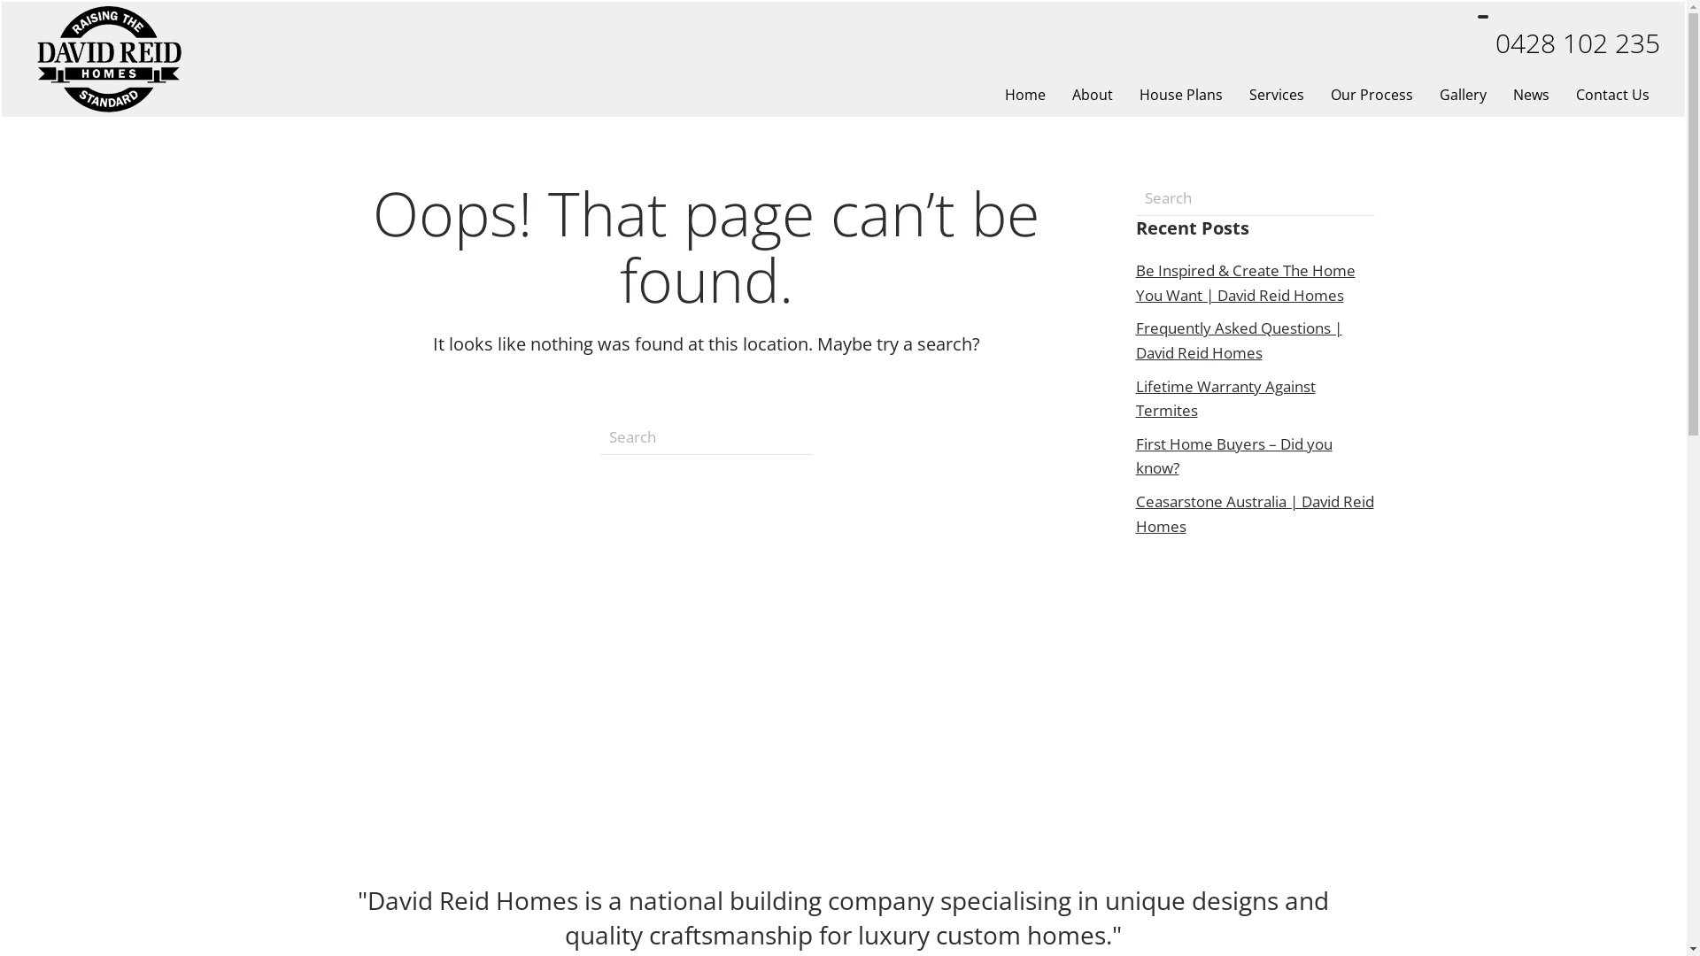  I want to click on 'Contact Us', so click(1612, 95).